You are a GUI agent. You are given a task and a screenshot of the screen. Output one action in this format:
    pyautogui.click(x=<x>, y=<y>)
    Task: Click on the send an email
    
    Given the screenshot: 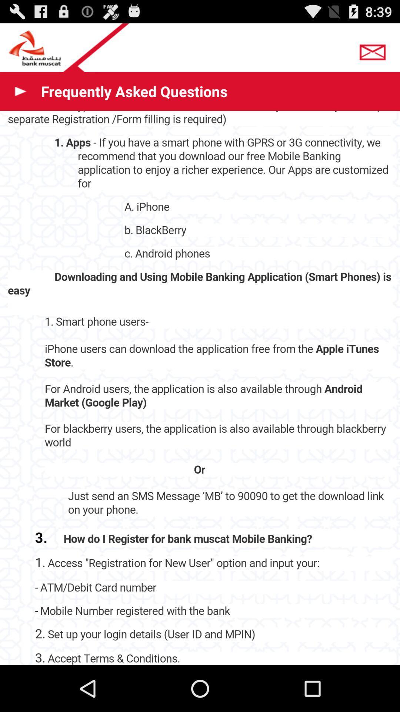 What is the action you would take?
    pyautogui.click(x=374, y=49)
    